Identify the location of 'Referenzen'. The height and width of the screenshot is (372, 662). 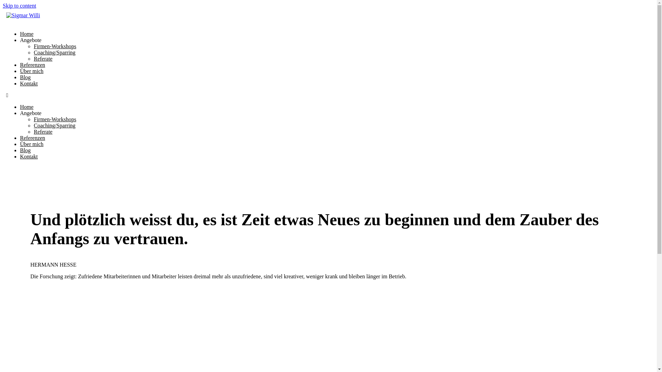
(32, 138).